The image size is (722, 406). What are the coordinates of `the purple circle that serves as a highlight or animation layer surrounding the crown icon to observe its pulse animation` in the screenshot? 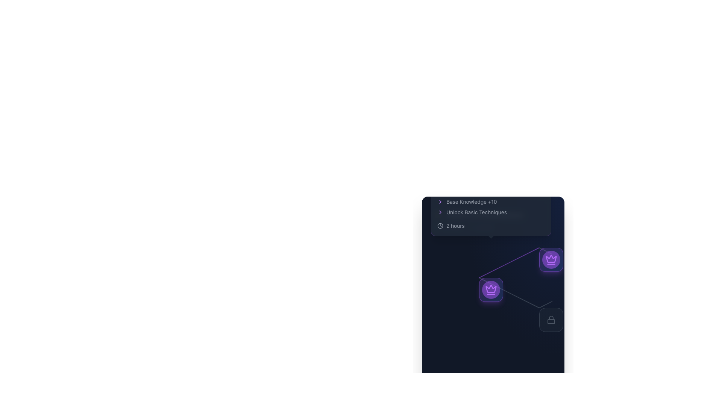 It's located at (551, 259).